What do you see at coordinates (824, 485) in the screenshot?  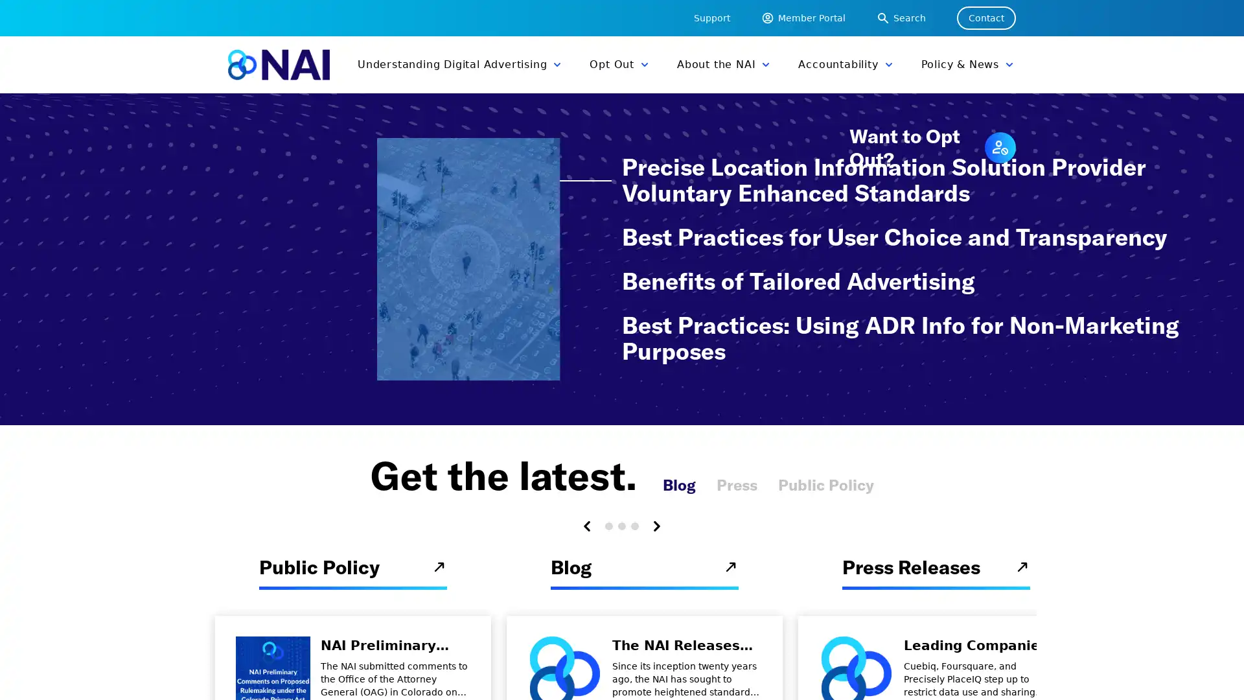 I see `Public Policy` at bounding box center [824, 485].